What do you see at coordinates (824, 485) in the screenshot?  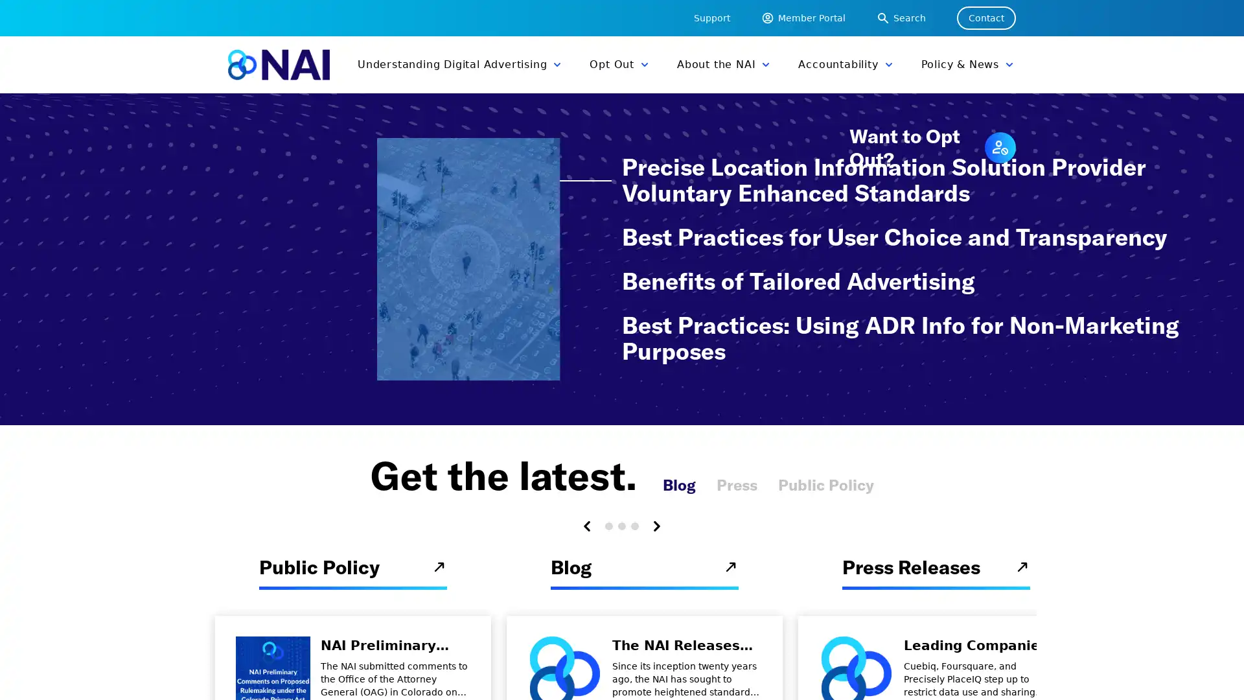 I see `Public Policy` at bounding box center [824, 485].